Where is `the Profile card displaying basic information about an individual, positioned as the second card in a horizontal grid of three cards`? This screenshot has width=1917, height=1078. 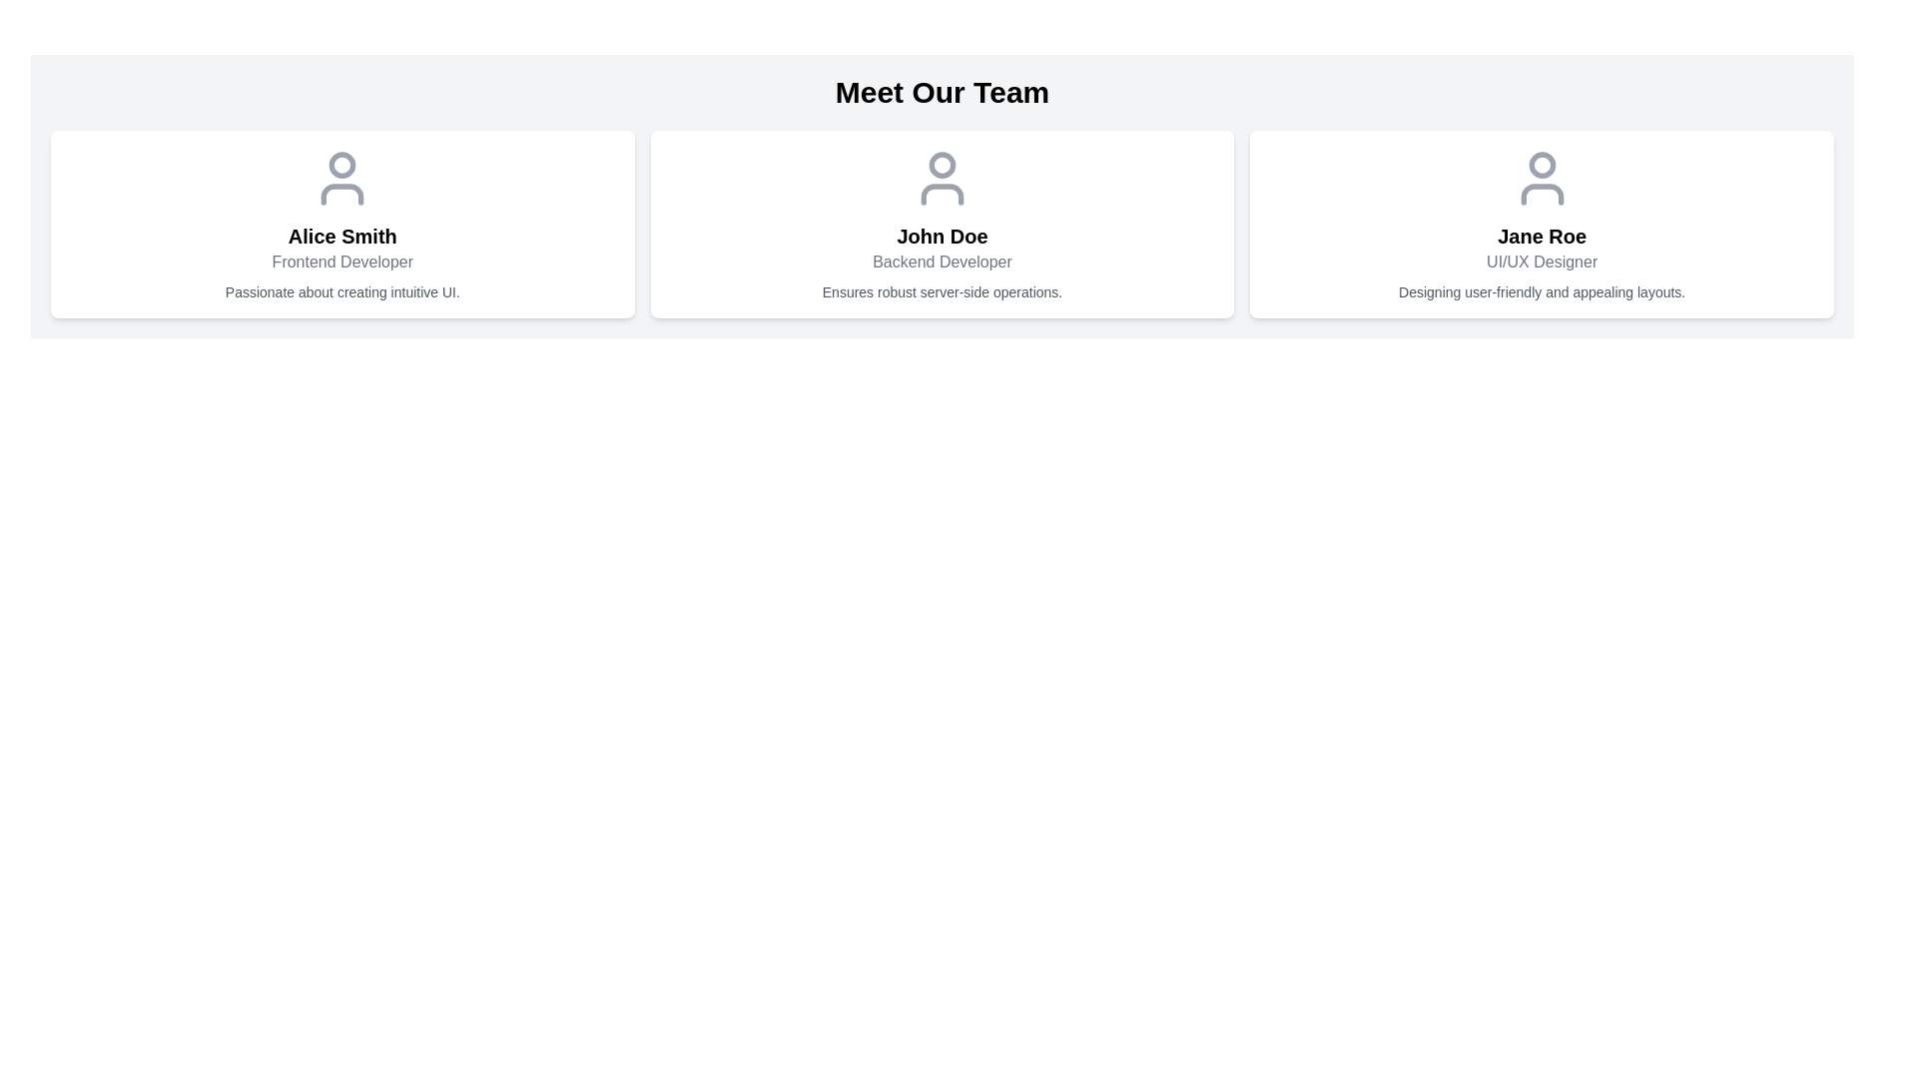 the Profile card displaying basic information about an individual, positioned as the second card in a horizontal grid of three cards is located at coordinates (942, 224).